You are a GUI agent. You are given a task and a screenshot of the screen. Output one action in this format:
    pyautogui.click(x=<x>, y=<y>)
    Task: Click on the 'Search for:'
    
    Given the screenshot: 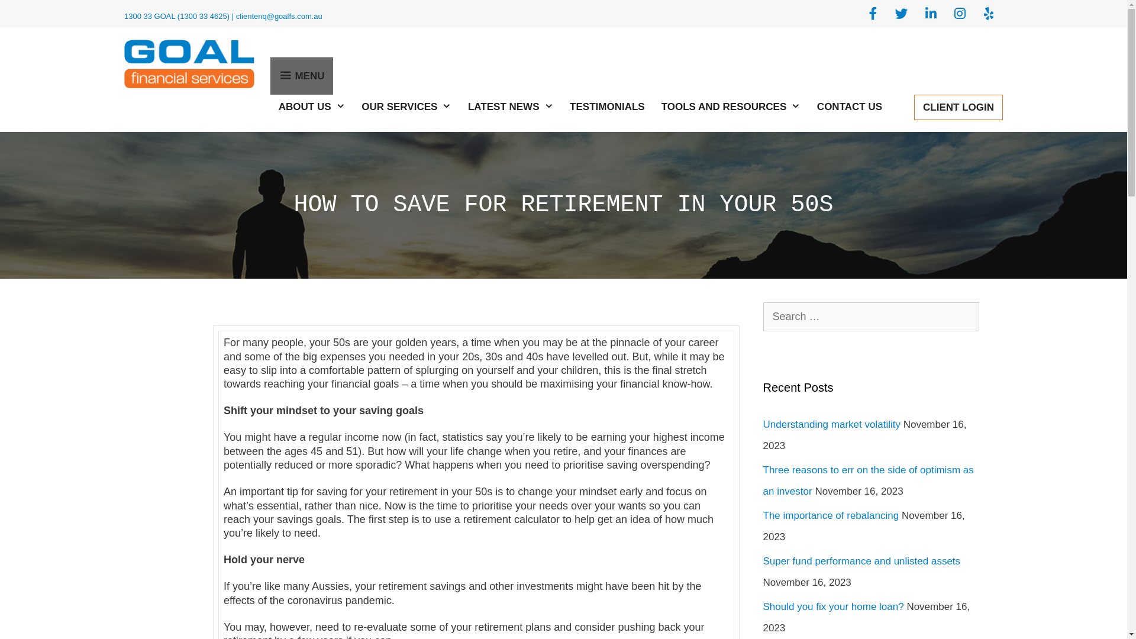 What is the action you would take?
    pyautogui.click(x=872, y=316)
    